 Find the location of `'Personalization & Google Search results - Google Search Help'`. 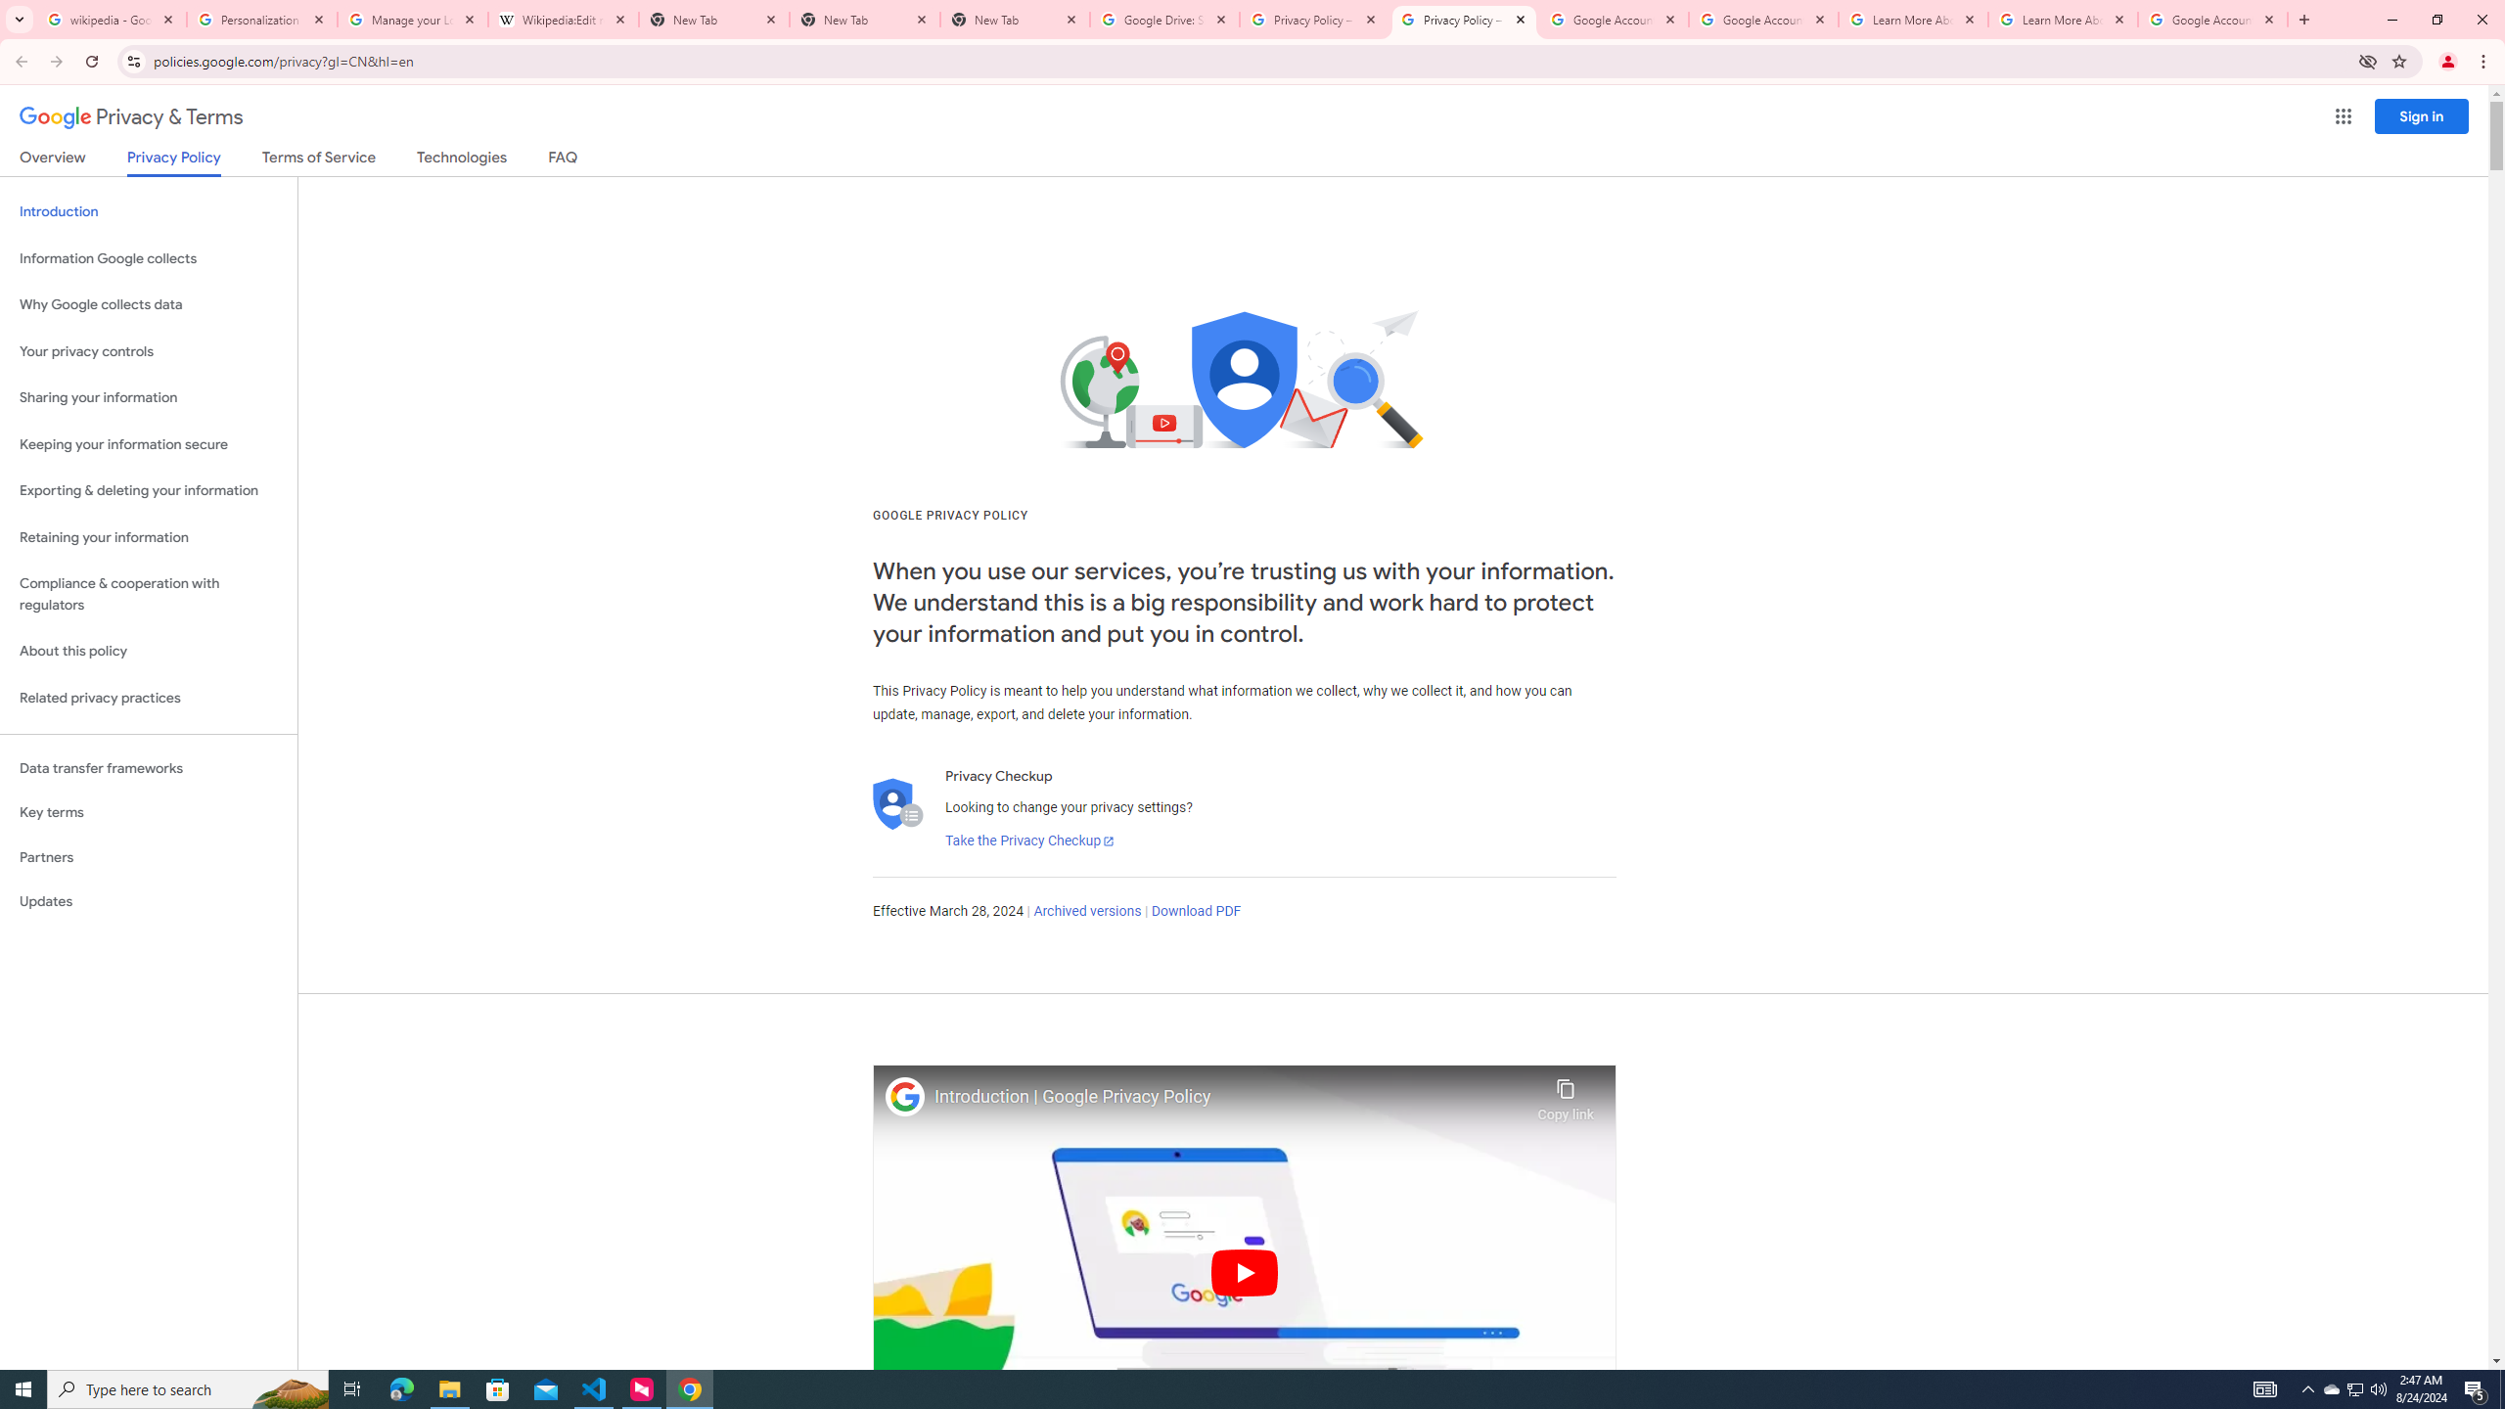

'Personalization & Google Search results - Google Search Help' is located at coordinates (260, 19).